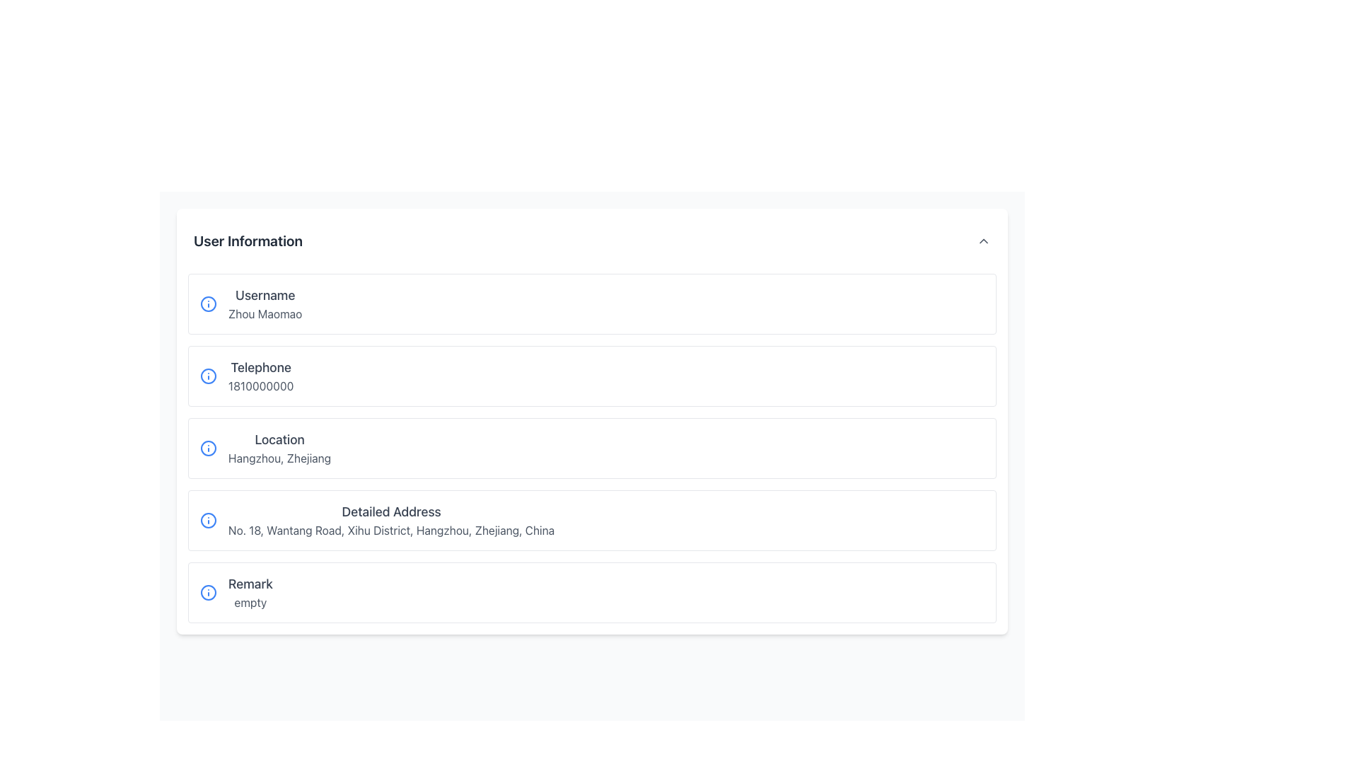  Describe the element at coordinates (207, 376) in the screenshot. I see `the Circular SVG graphical element that serves as a visual cue for the 'Telephone' field, located next to the 'Telephone' label in the user information section` at that location.